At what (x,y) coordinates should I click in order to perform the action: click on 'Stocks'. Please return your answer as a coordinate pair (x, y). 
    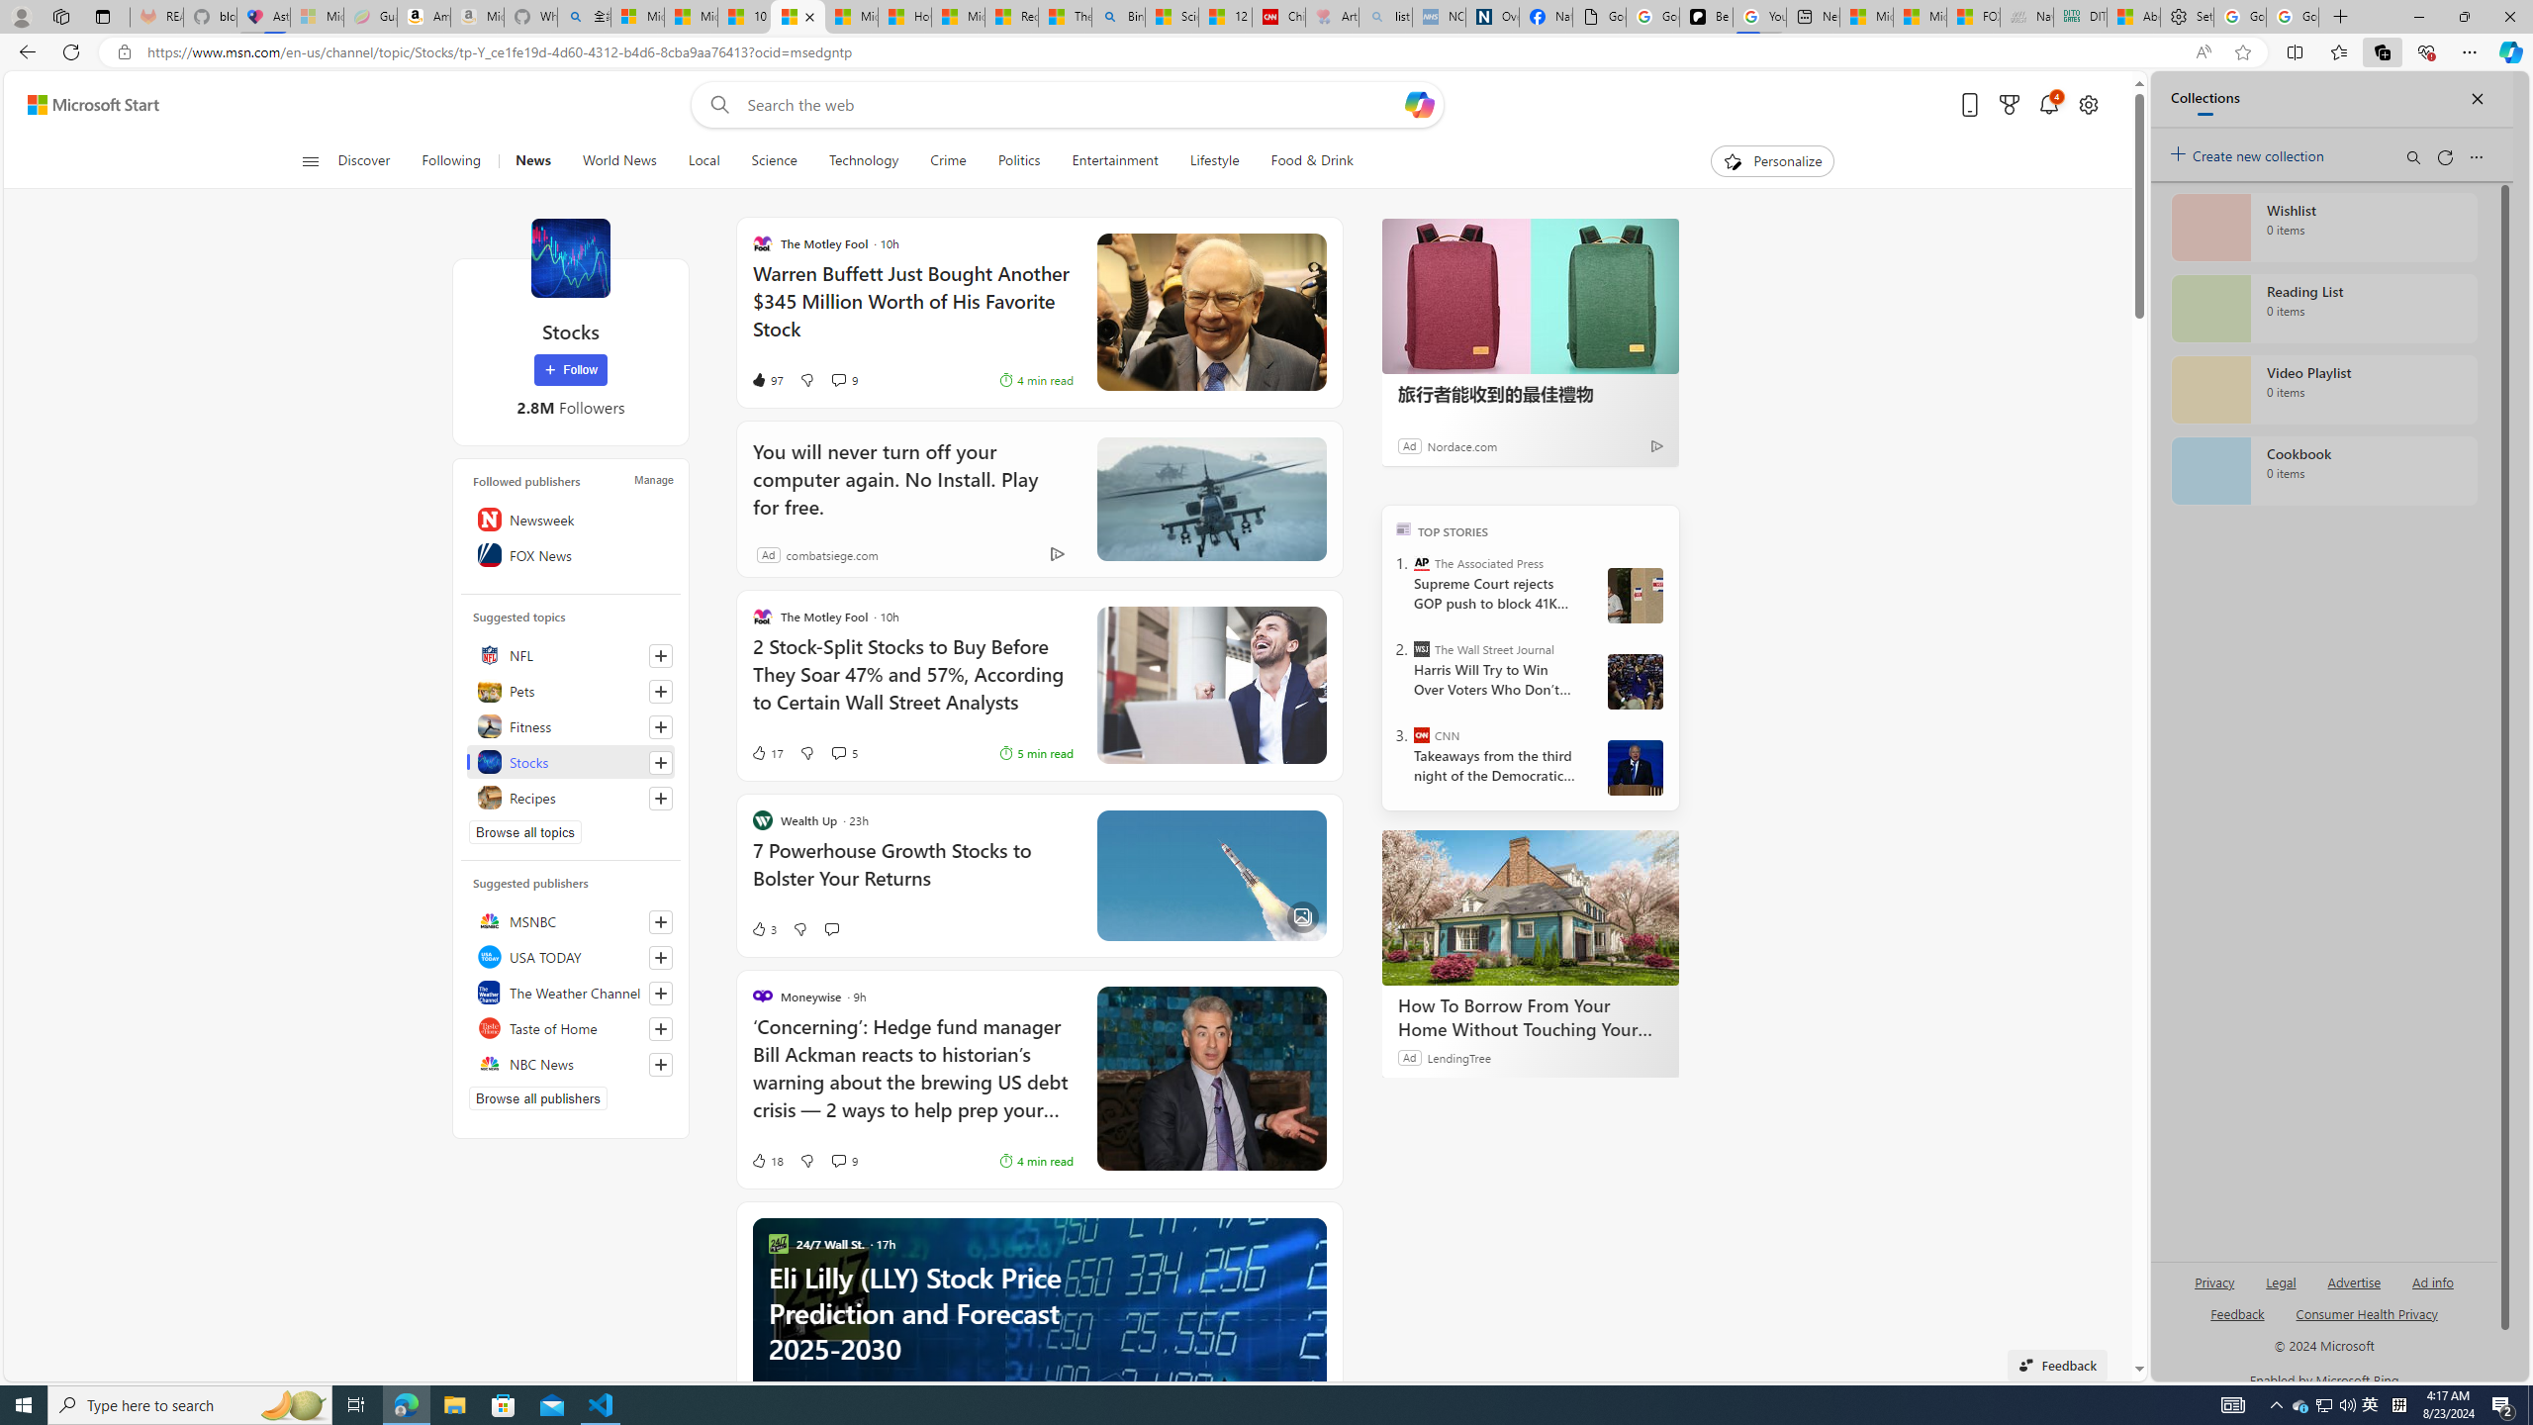
    Looking at the image, I should click on (570, 257).